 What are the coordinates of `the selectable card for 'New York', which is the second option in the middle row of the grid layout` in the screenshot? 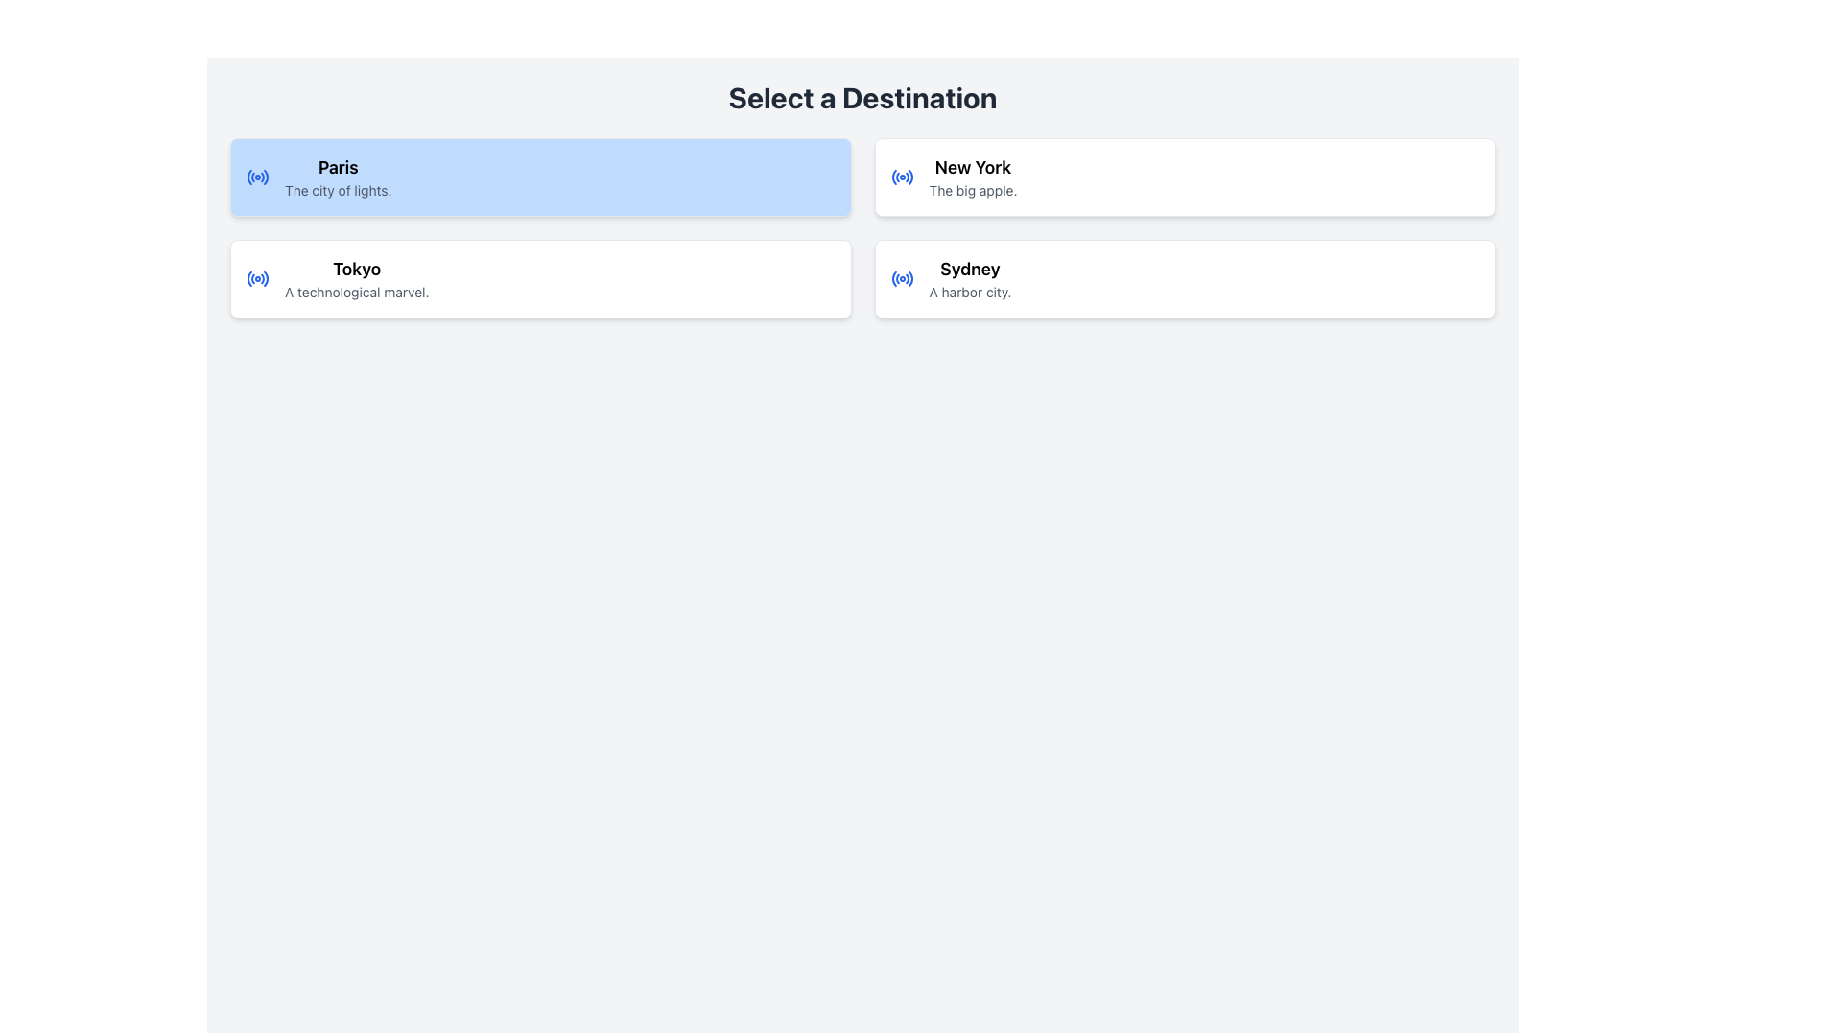 It's located at (1184, 177).